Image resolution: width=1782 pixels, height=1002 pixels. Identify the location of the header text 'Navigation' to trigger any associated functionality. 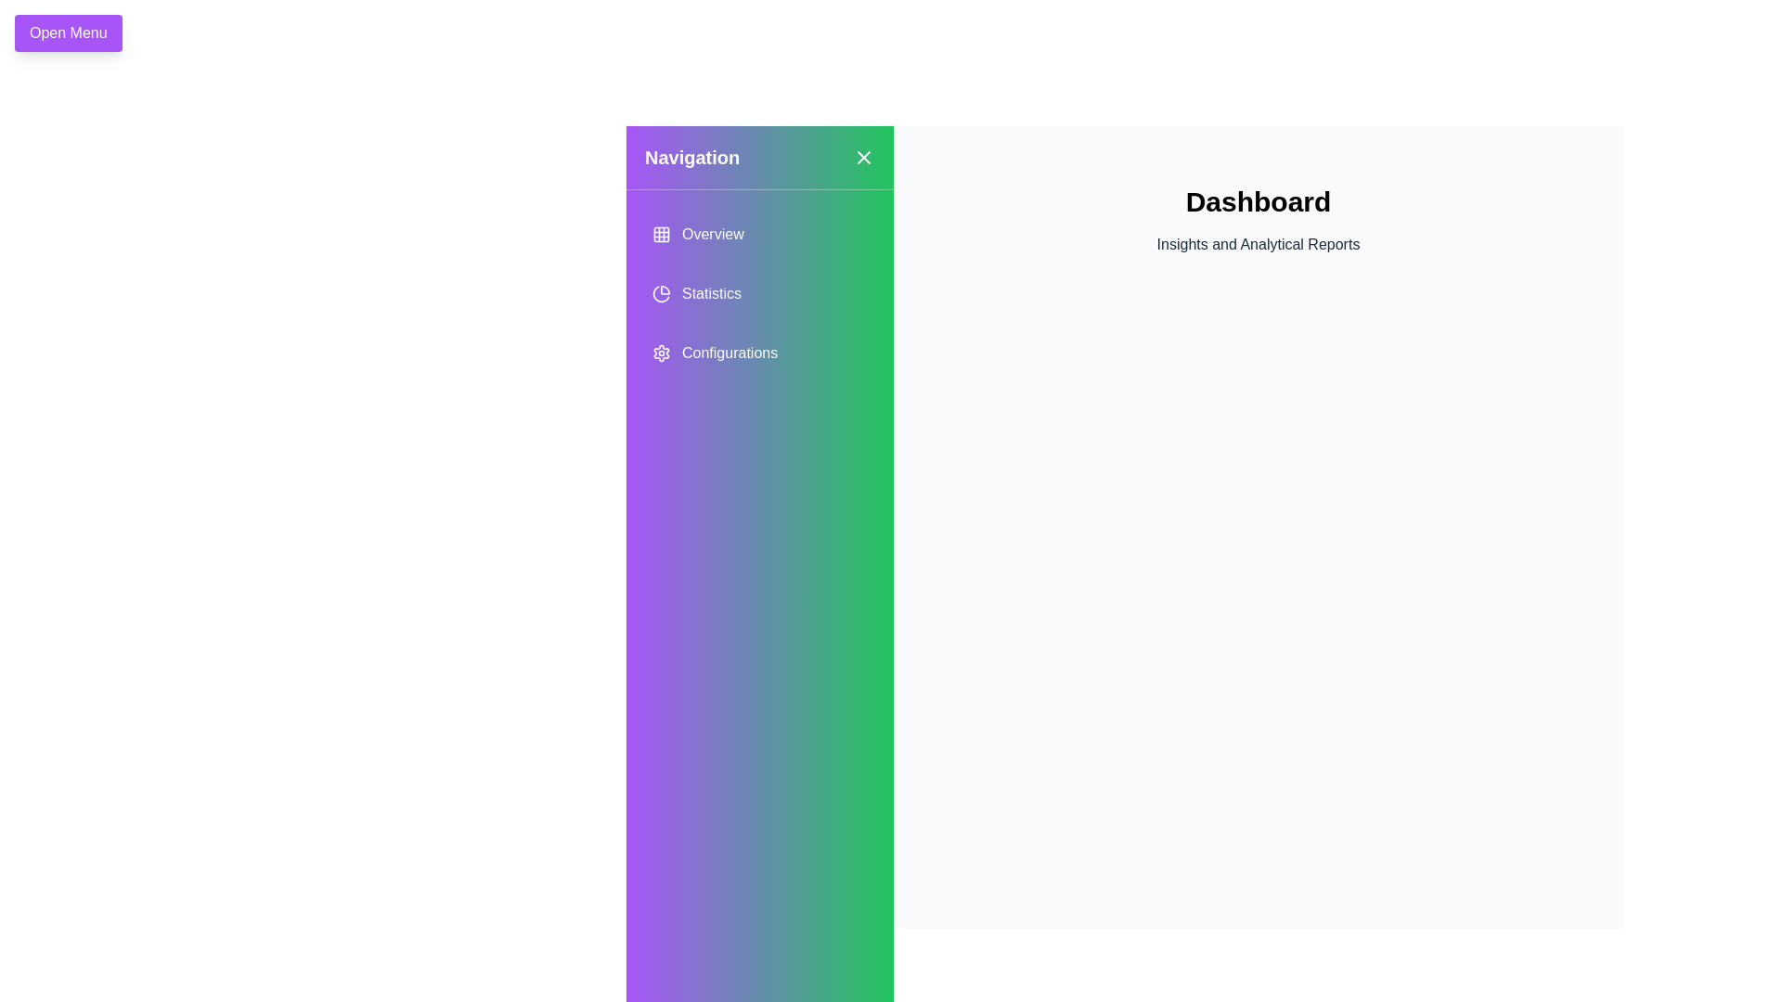
(691, 156).